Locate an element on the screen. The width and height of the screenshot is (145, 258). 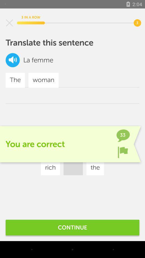
icon to the left of the the item is located at coordinates (50, 167).